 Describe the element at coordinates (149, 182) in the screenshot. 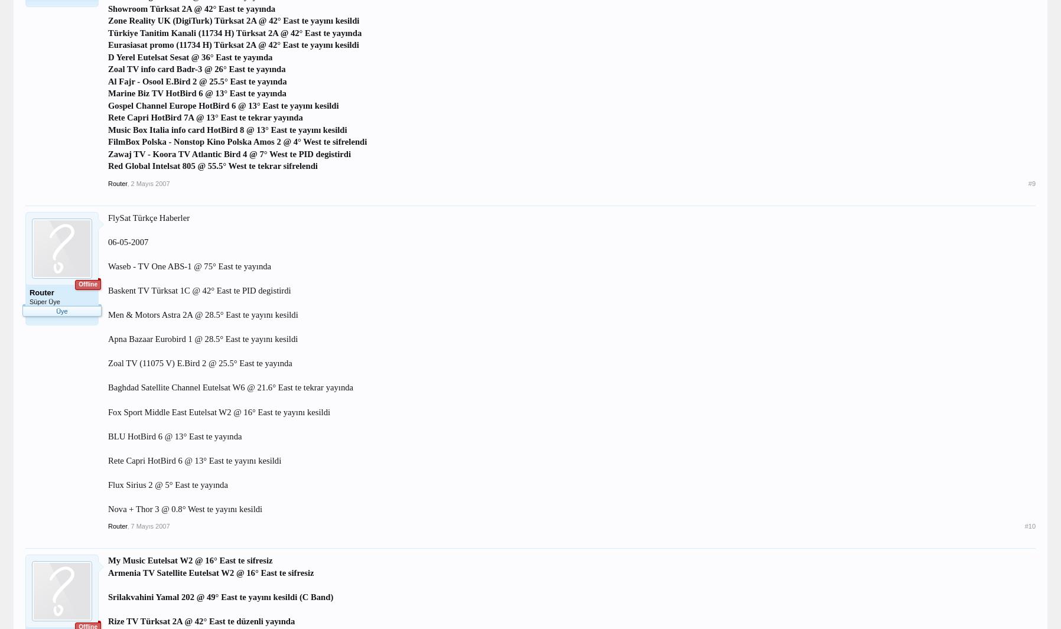

I see `'2 Mayıs 2007'` at that location.